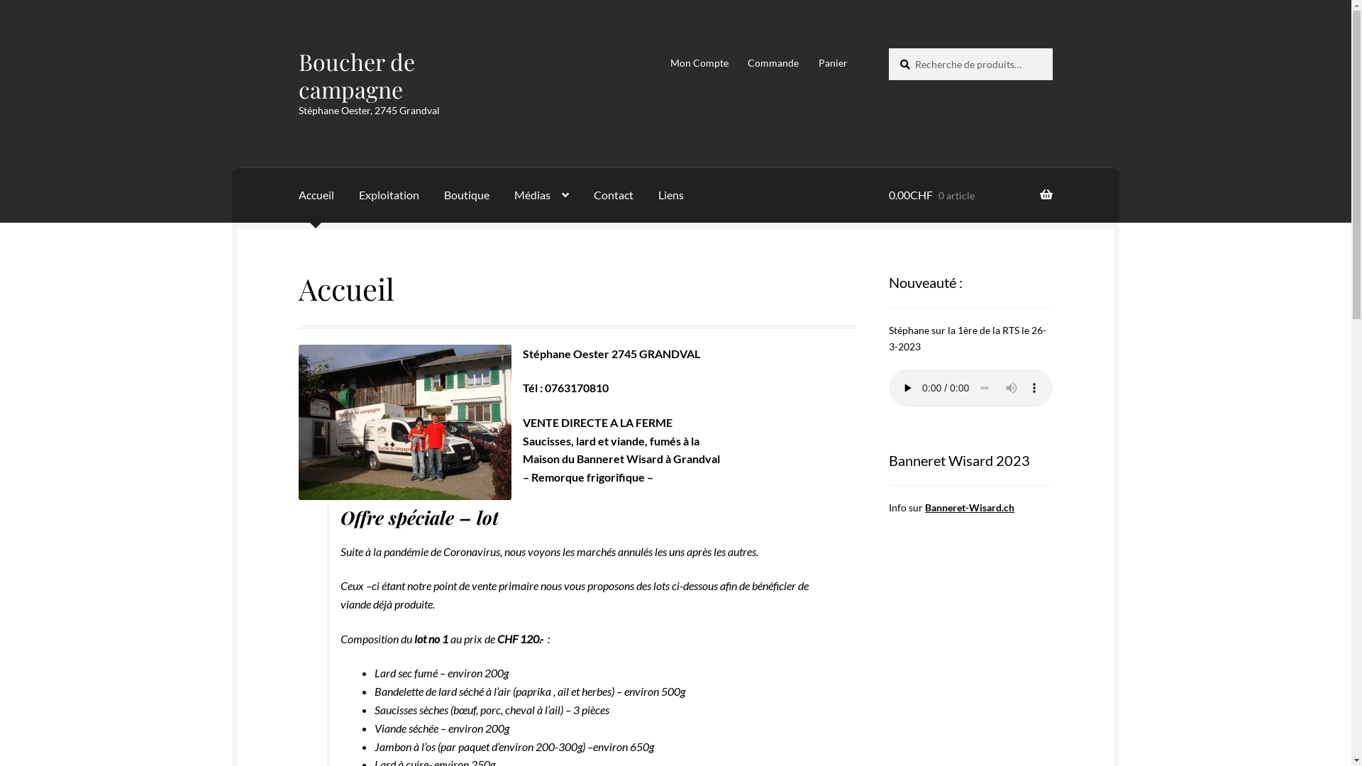 The width and height of the screenshot is (1362, 766). Describe the element at coordinates (357, 74) in the screenshot. I see `'Boucher de campagne'` at that location.